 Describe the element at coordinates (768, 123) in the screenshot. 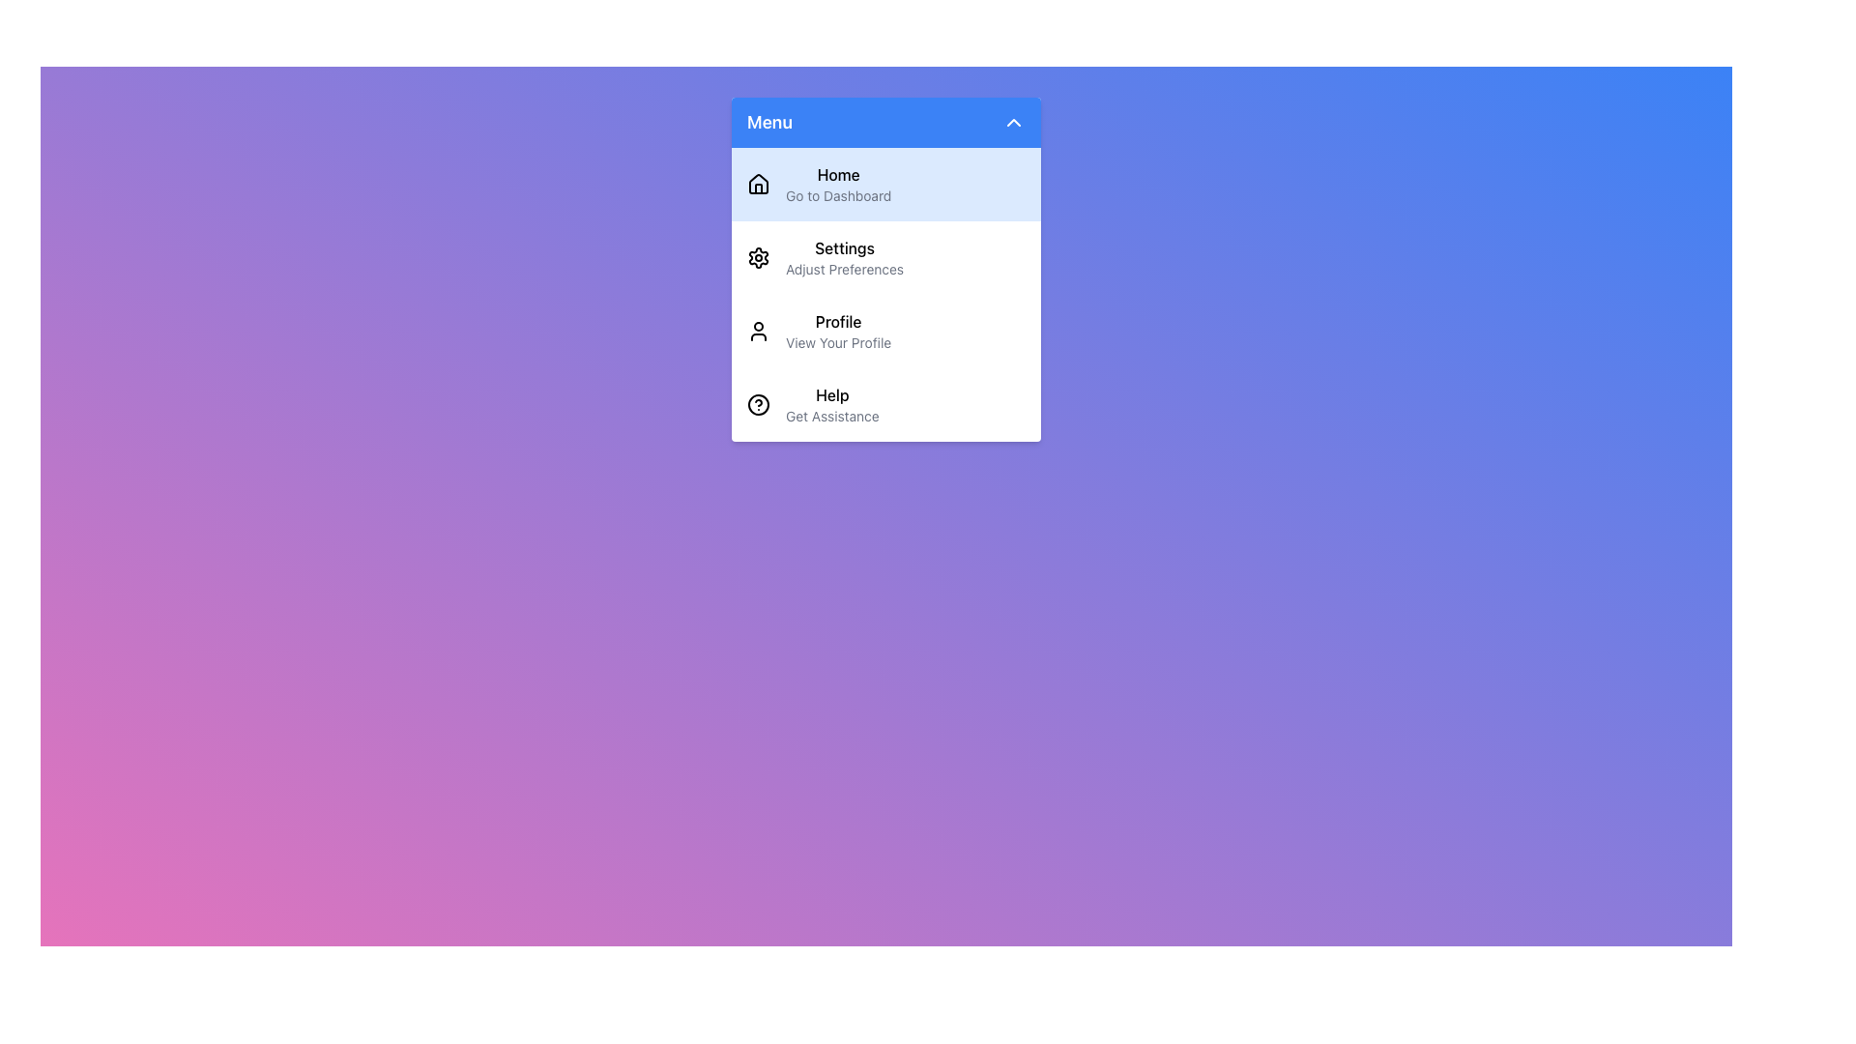

I see `text label that indicates the title or category of the dropdown menu, positioned at the top-left corner of the dropdown structure, next to the chevron icon` at that location.